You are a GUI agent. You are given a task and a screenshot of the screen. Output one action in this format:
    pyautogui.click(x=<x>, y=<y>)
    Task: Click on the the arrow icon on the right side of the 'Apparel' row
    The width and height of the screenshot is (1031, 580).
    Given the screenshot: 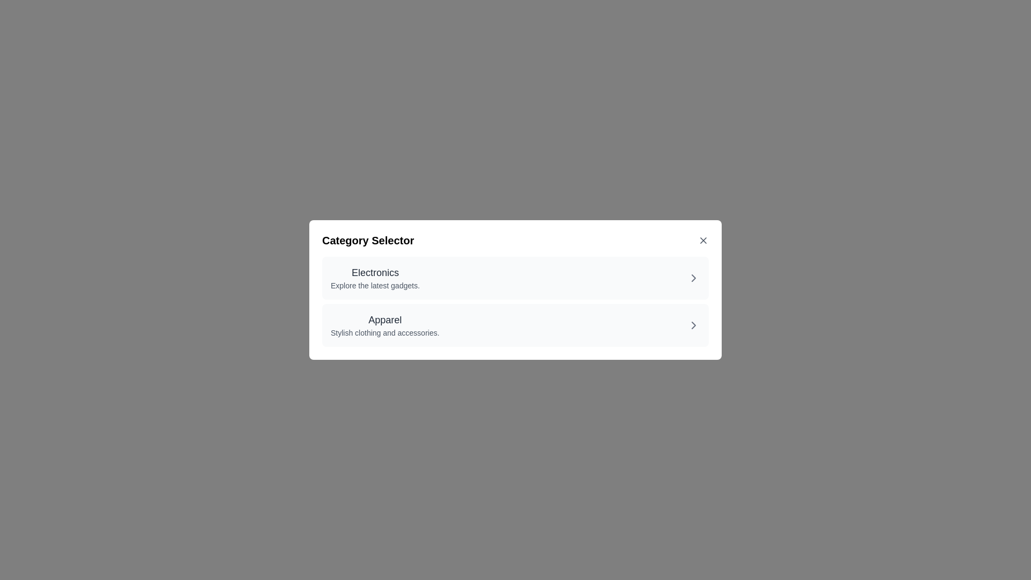 What is the action you would take?
    pyautogui.click(x=693, y=324)
    